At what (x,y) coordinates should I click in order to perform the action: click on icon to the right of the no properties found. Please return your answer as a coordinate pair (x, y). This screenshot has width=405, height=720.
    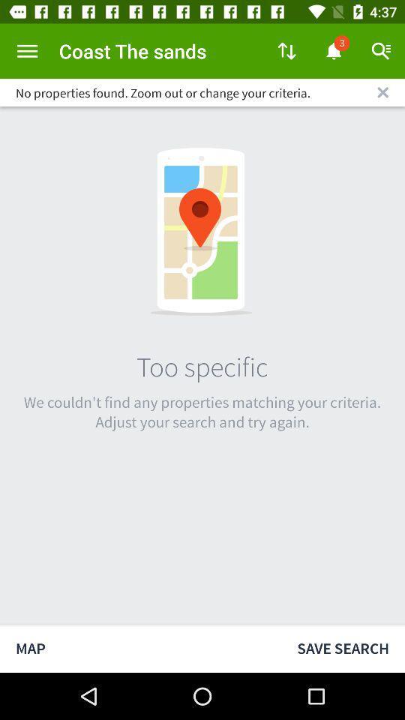
    Looking at the image, I should click on (382, 91).